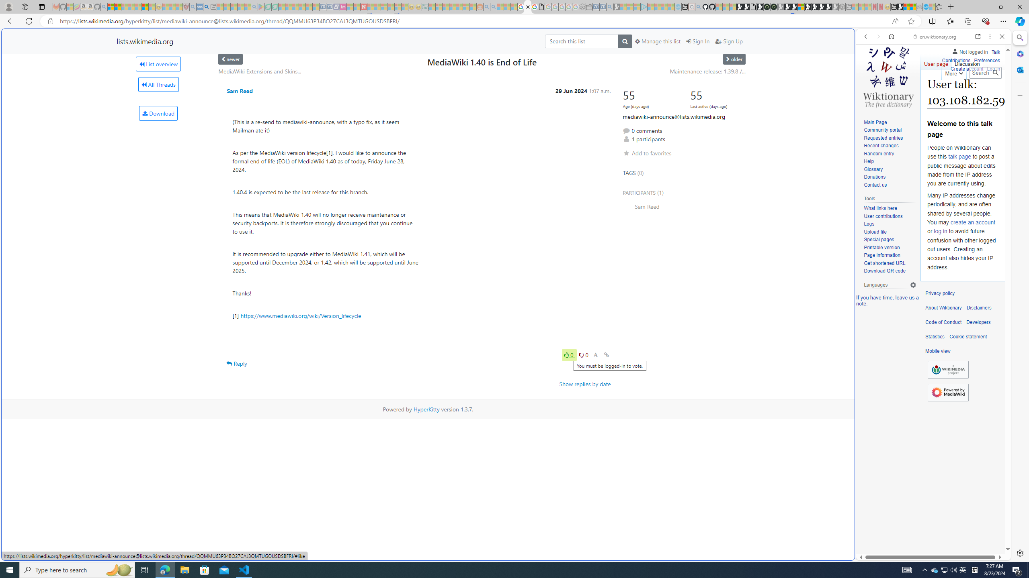 Image resolution: width=1029 pixels, height=578 pixels. I want to click on 'Discussion', so click(967, 62).